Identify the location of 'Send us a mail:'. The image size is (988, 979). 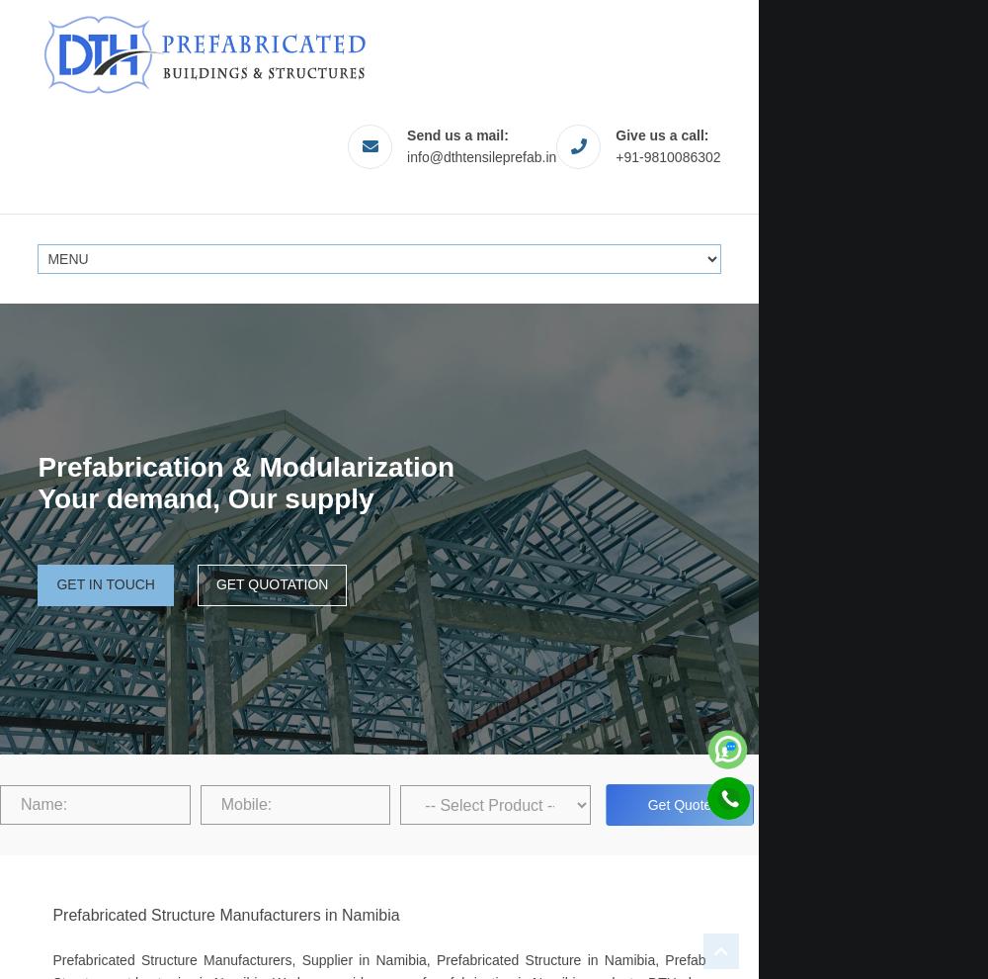
(407, 134).